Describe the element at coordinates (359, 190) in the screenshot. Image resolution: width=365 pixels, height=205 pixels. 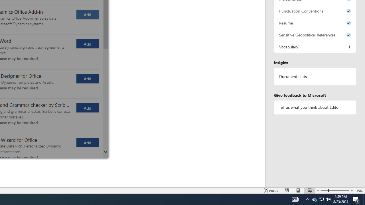
I see `'Zoom 55%'` at that location.